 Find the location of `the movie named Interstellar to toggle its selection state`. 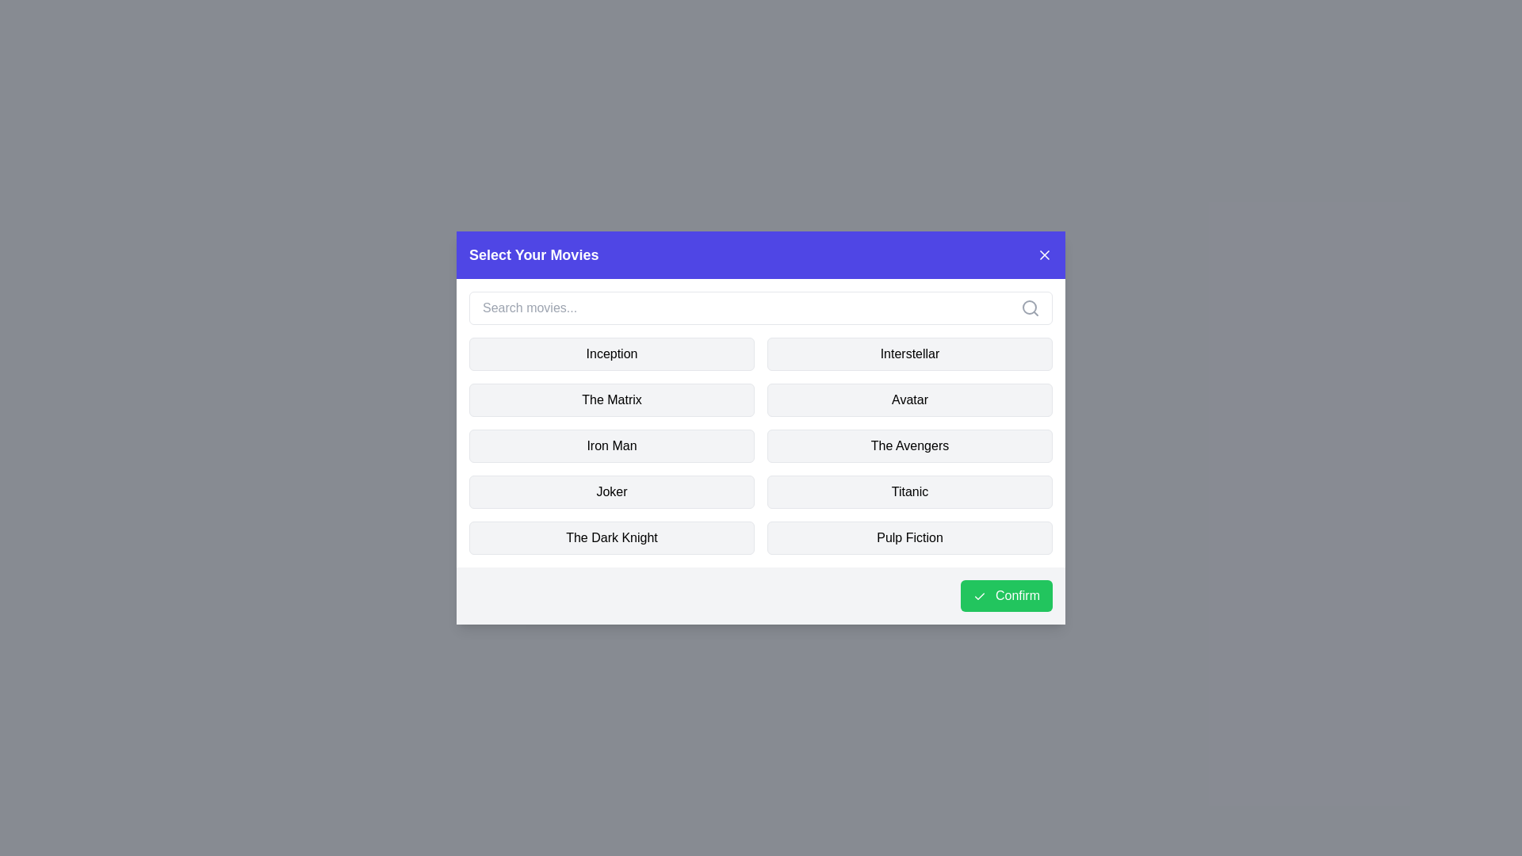

the movie named Interstellar to toggle its selection state is located at coordinates (909, 353).